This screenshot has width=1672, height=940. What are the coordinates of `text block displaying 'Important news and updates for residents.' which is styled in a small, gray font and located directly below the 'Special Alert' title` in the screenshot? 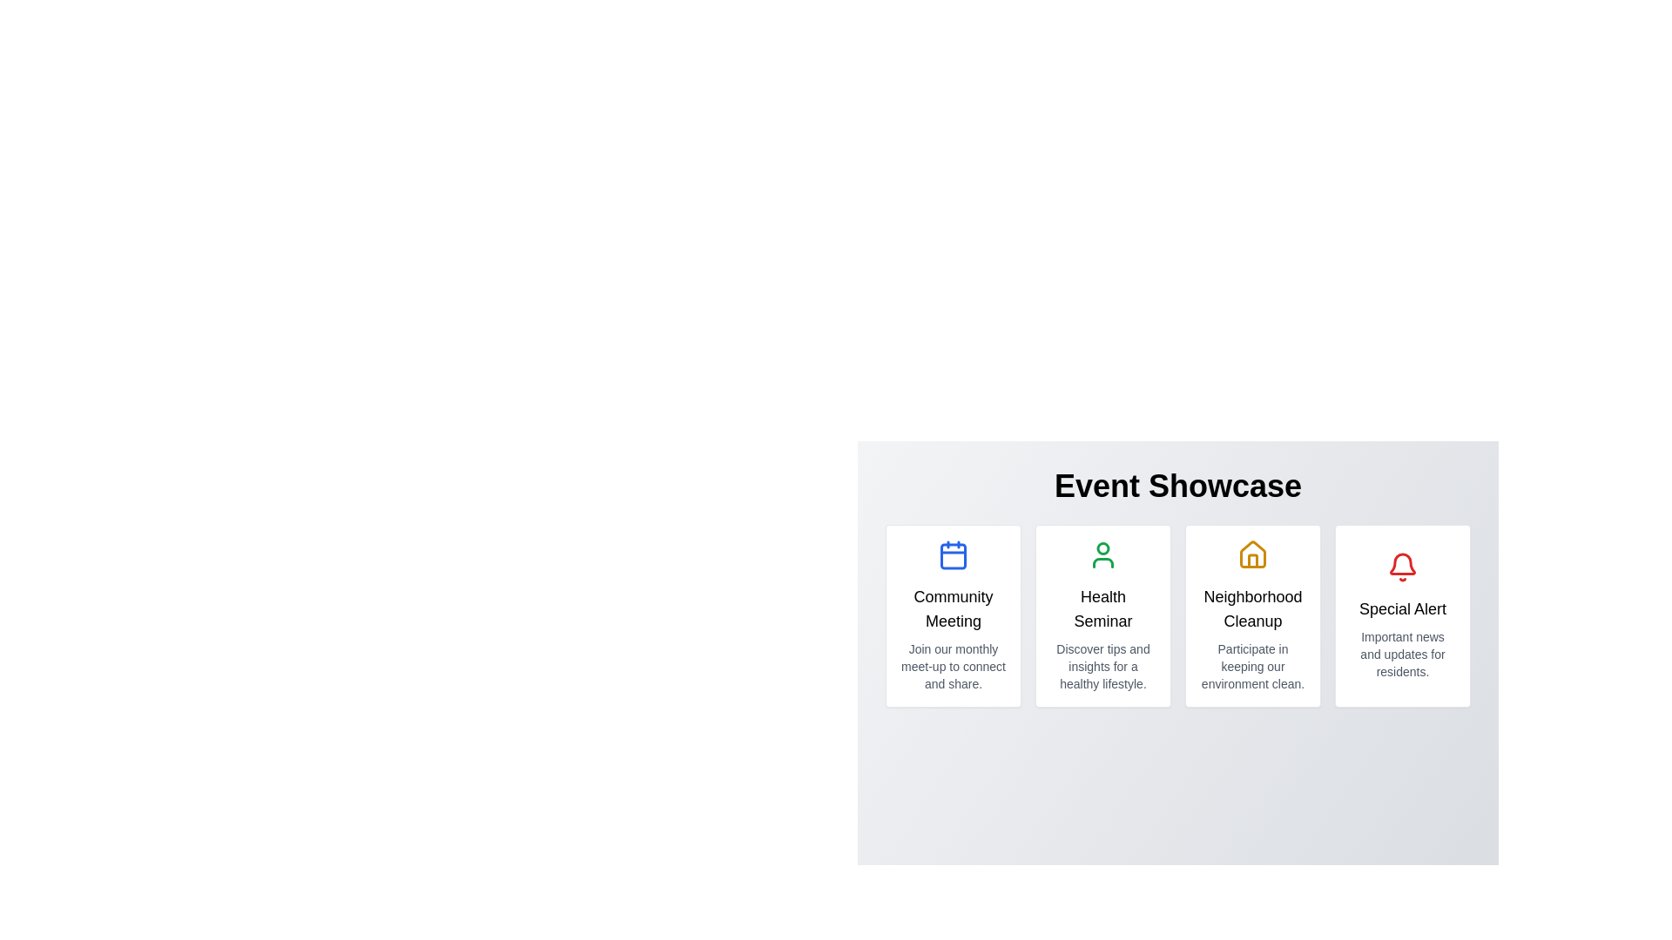 It's located at (1403, 655).